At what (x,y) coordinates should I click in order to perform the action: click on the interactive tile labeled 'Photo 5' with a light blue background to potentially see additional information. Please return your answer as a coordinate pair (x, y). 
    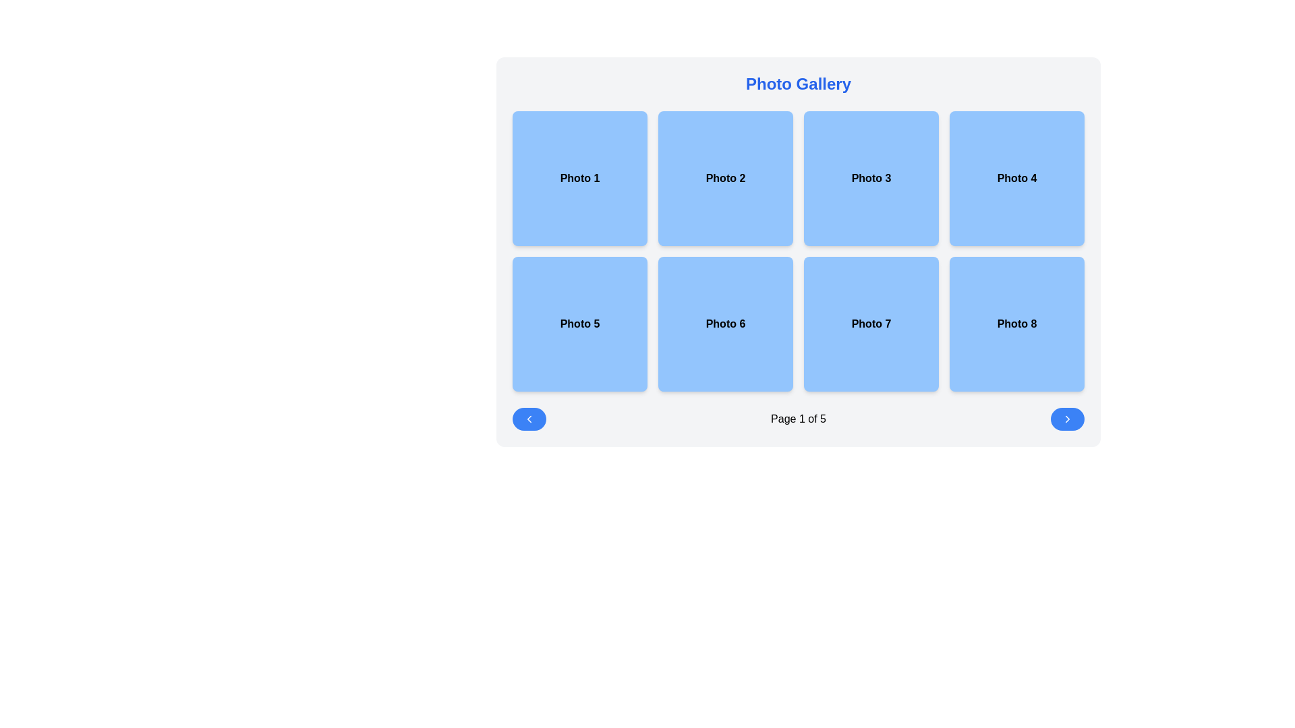
    Looking at the image, I should click on (579, 324).